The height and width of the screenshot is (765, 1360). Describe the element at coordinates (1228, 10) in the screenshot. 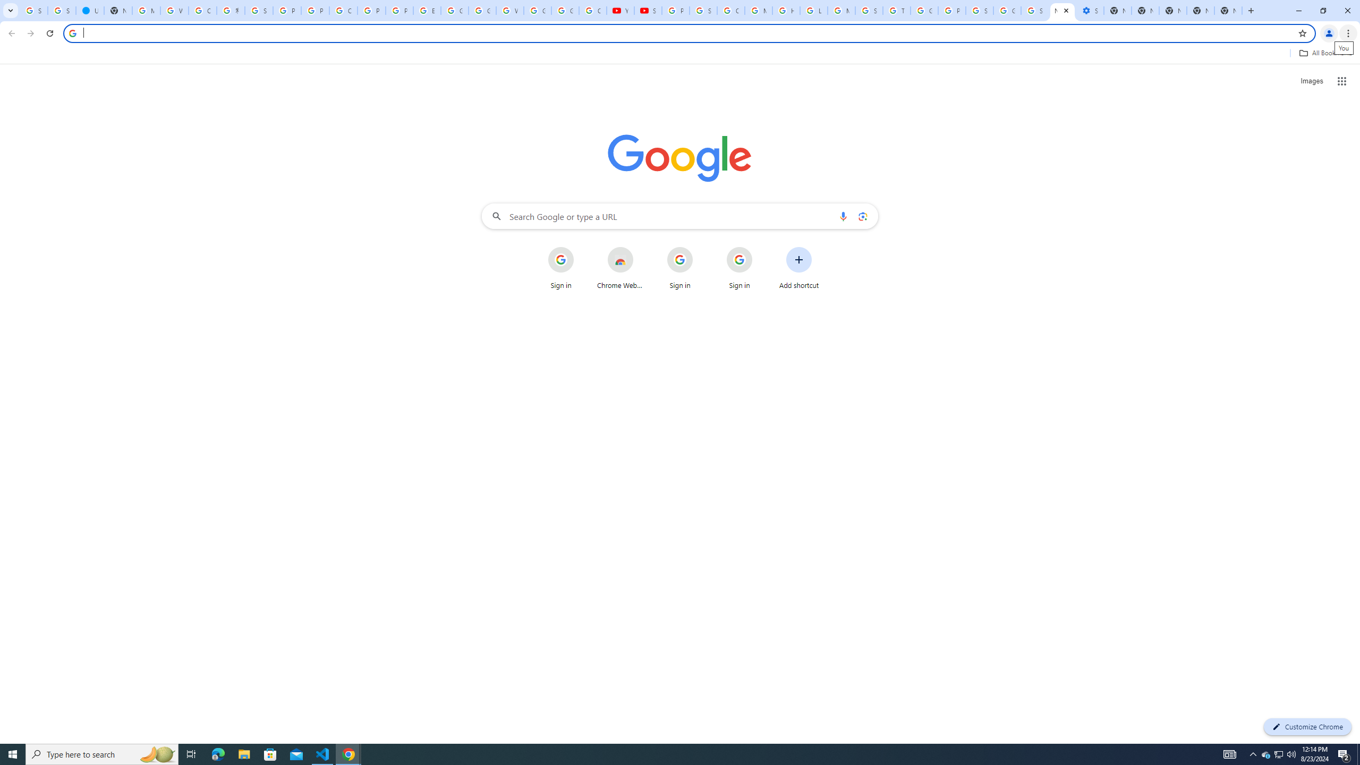

I see `'New Tab'` at that location.